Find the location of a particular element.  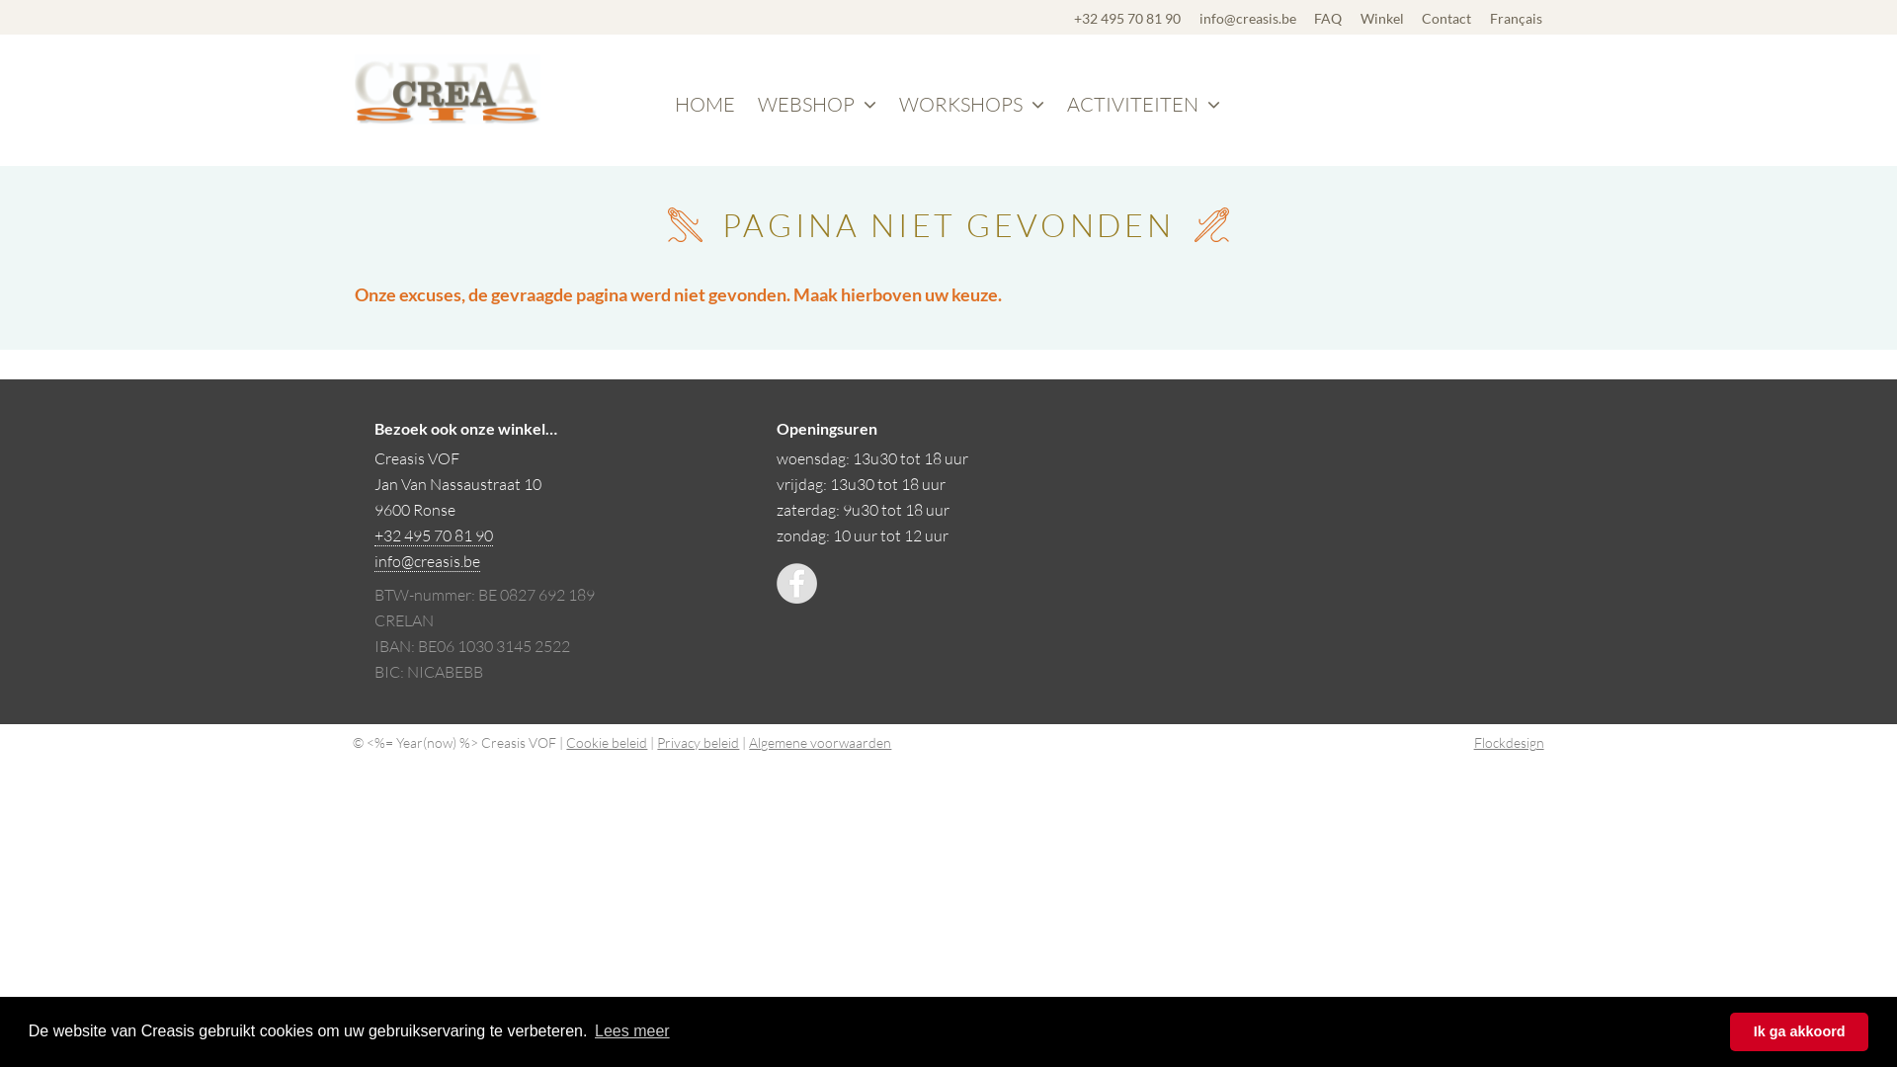

'+32 495 70 81 90' is located at coordinates (1127, 18).